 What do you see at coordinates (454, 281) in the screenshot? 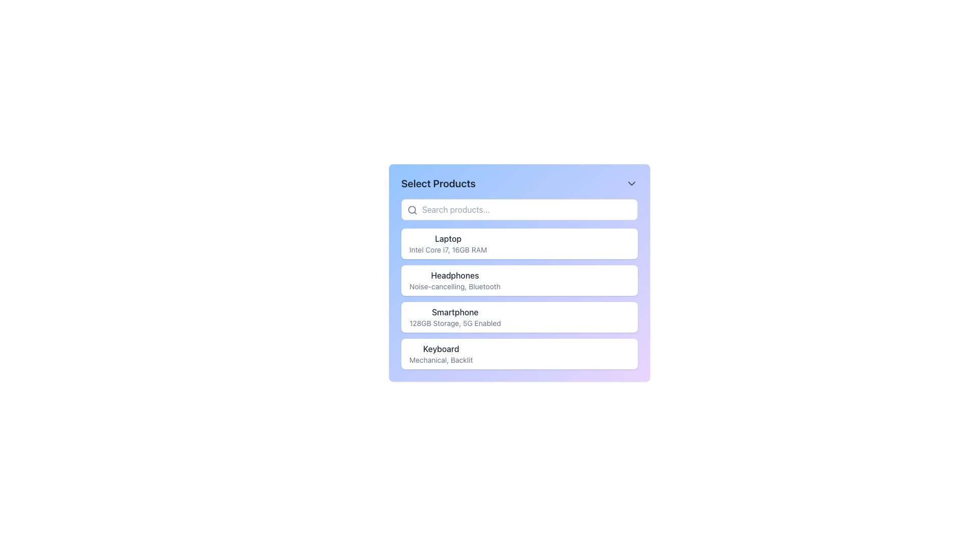
I see `the selectable option for headphones, which is the second item in the vertical list of product options` at bounding box center [454, 281].